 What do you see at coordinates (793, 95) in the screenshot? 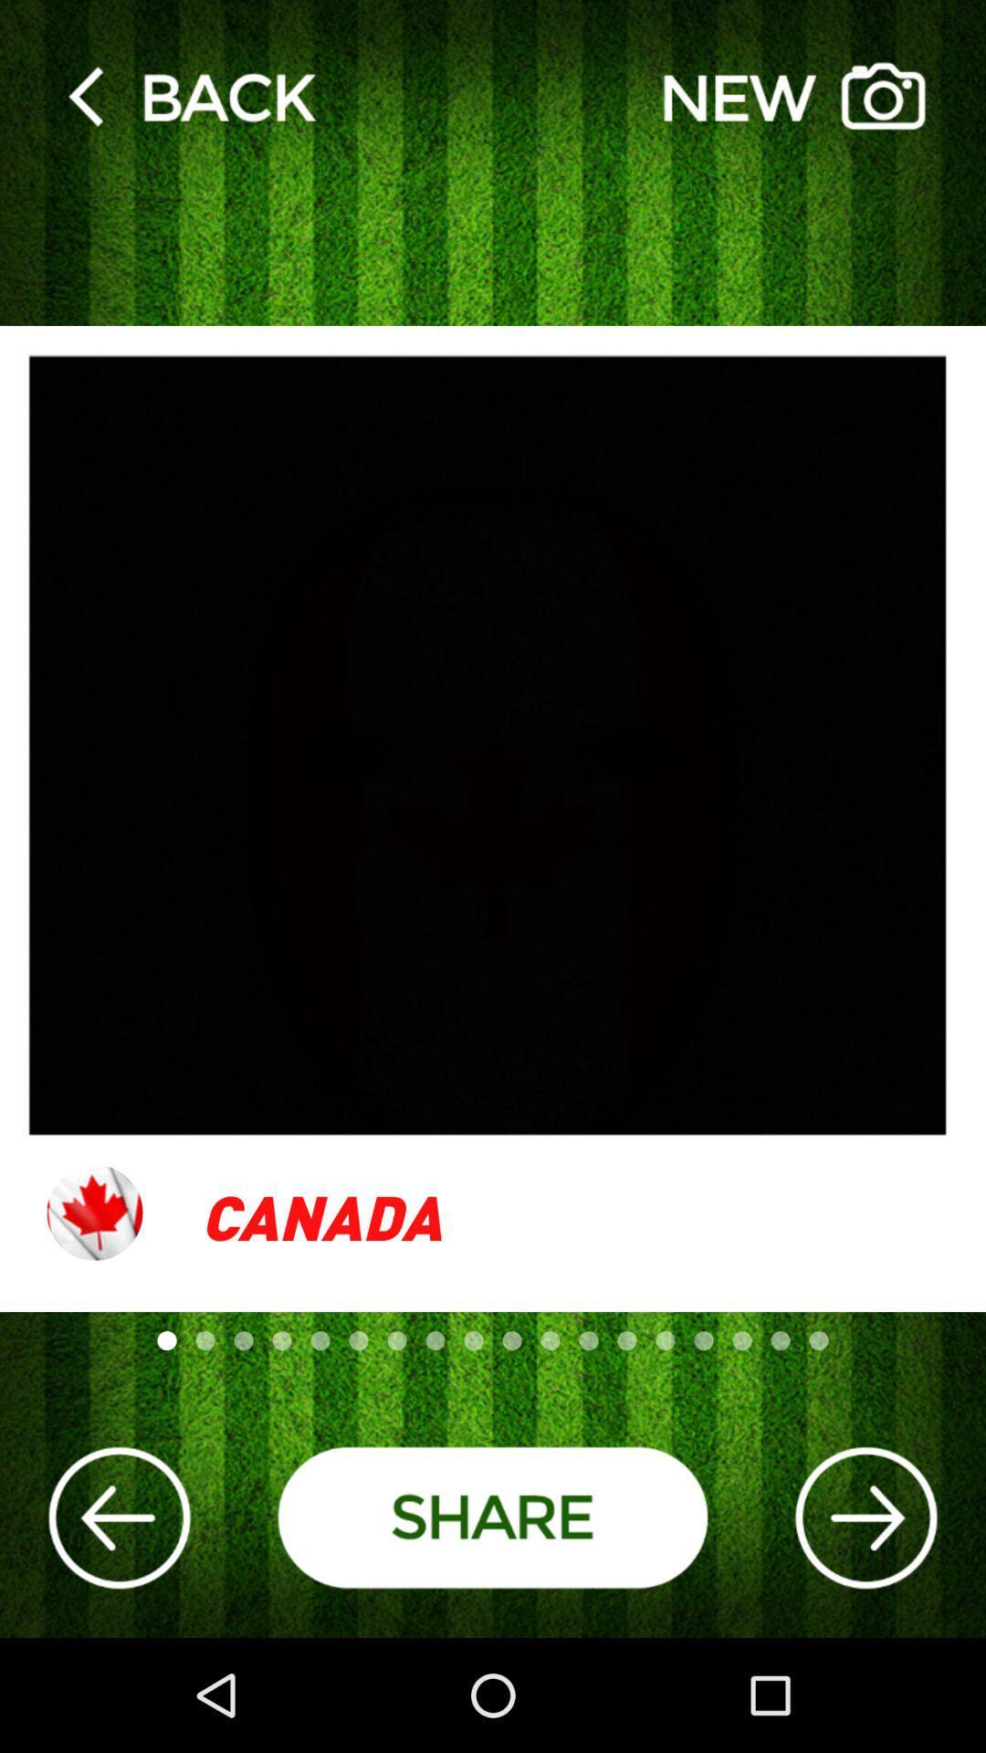
I see `new photo` at bounding box center [793, 95].